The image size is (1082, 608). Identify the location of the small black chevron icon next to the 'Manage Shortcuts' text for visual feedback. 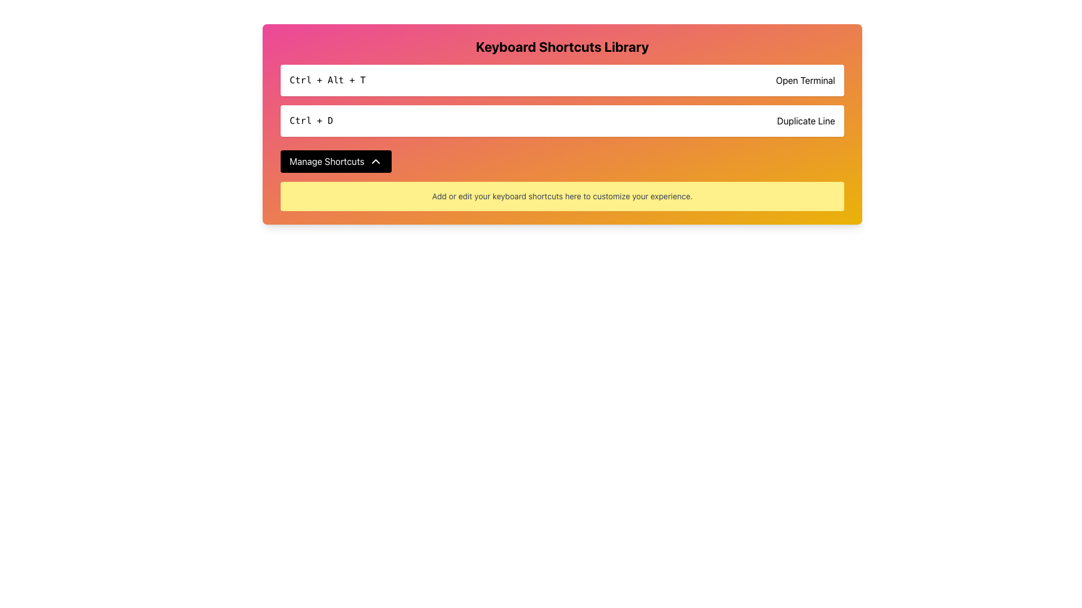
(375, 161).